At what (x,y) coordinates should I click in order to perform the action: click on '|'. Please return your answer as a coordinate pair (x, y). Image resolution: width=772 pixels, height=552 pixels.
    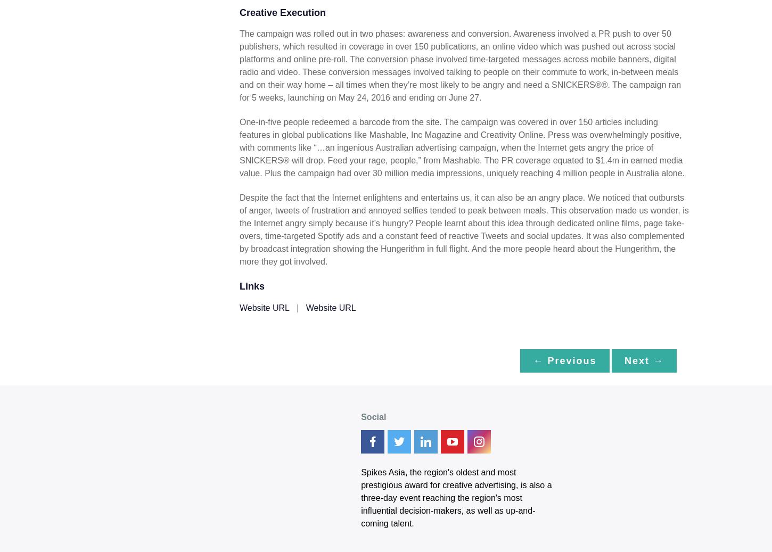
    Looking at the image, I should click on (297, 307).